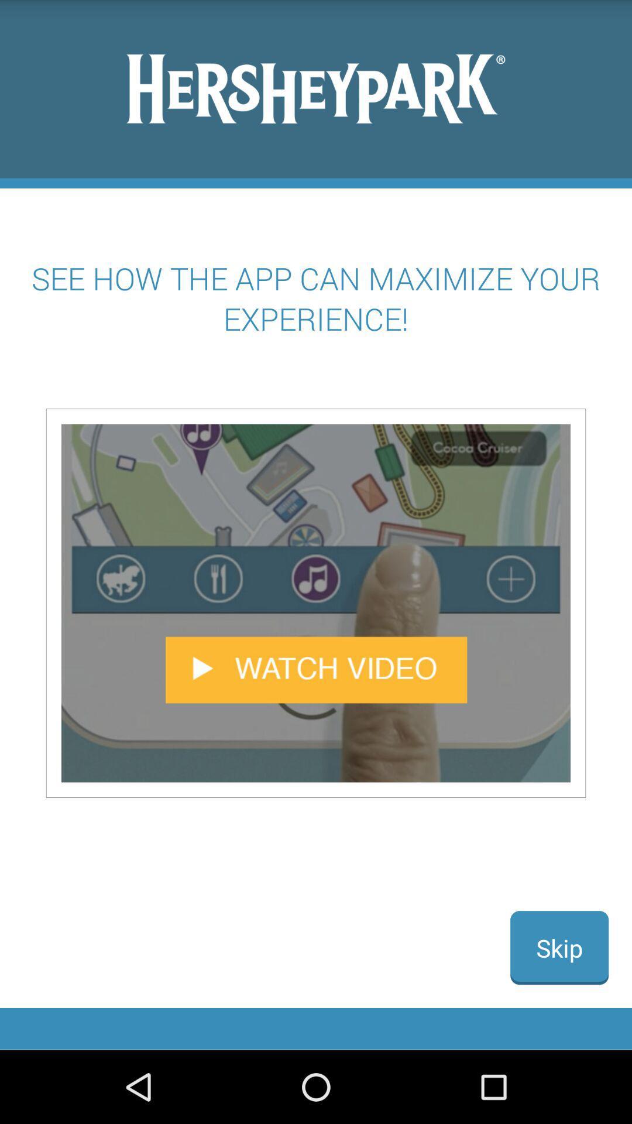  What do you see at coordinates (316, 603) in the screenshot?
I see `watch video` at bounding box center [316, 603].